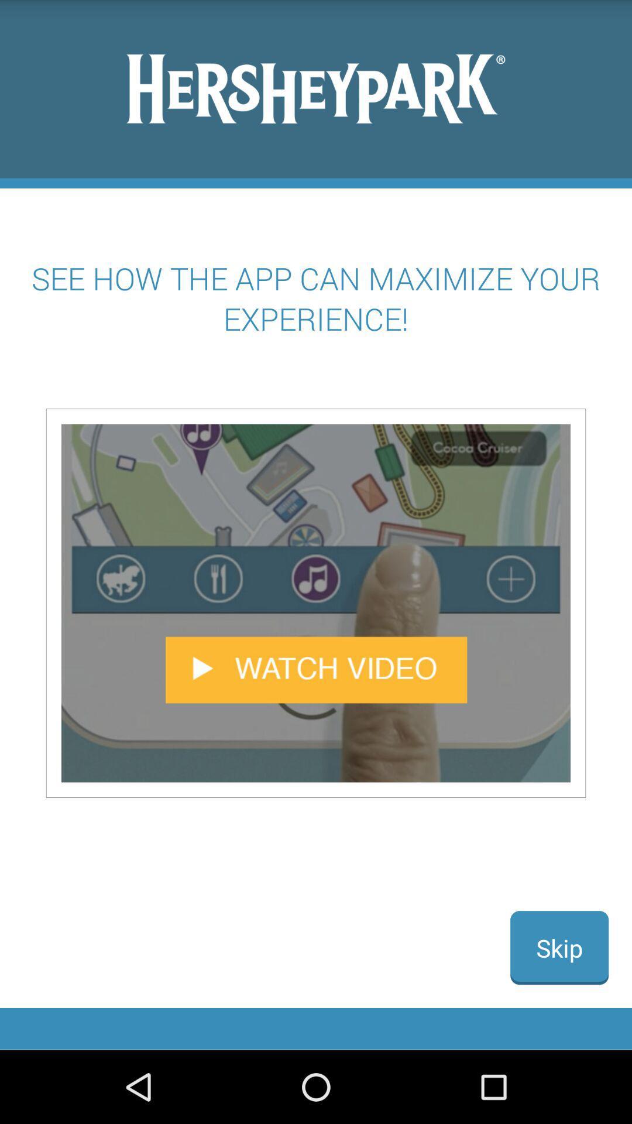  What do you see at coordinates (316, 603) in the screenshot?
I see `watch video` at bounding box center [316, 603].